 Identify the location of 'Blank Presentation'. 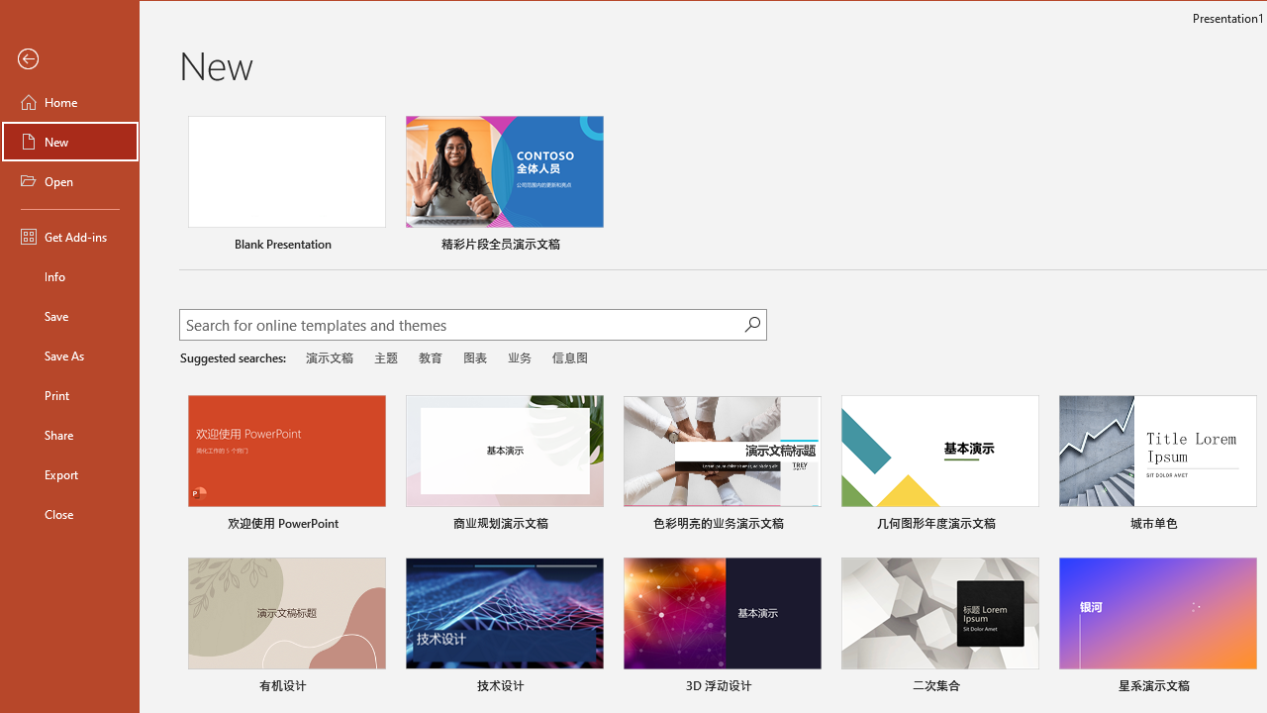
(285, 186).